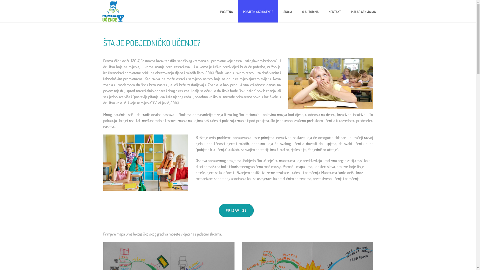 This screenshot has width=480, height=270. Describe the element at coordinates (334, 11) in the screenshot. I see `'KONTAKT'` at that location.